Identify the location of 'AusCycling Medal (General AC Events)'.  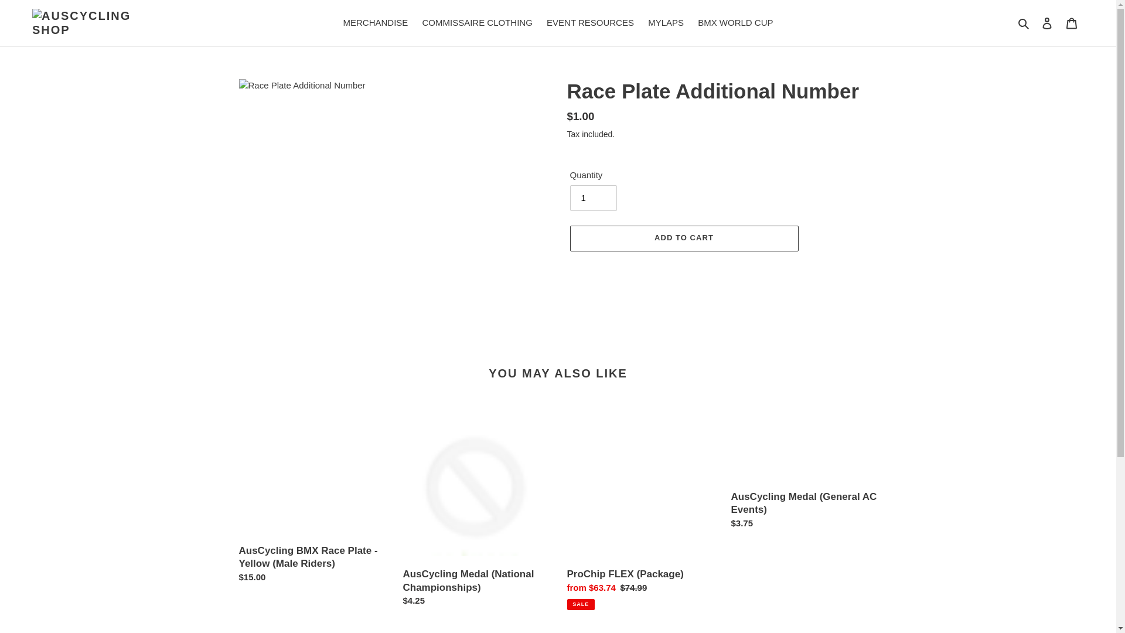
(803, 472).